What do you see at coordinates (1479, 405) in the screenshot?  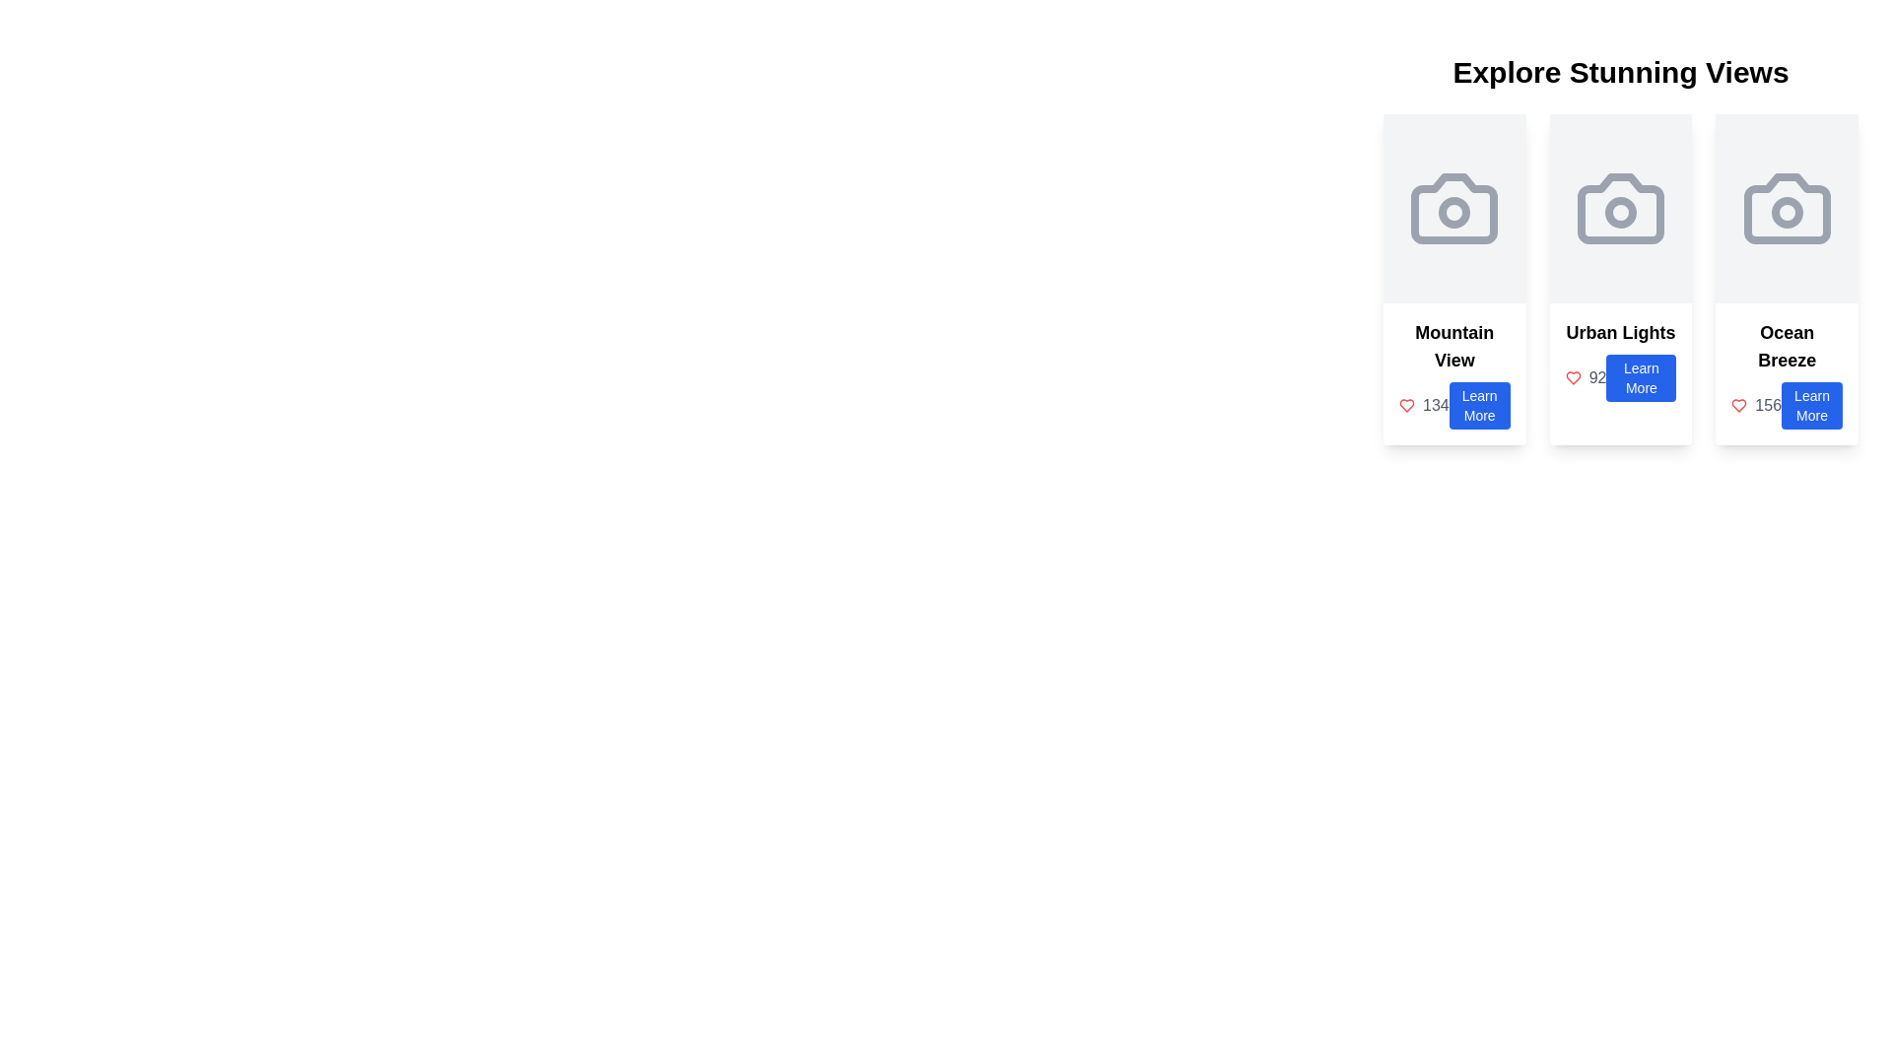 I see `the 'Learn More' button with a blue background located under the text '134' in the leftmost card of the series of cards` at bounding box center [1479, 405].